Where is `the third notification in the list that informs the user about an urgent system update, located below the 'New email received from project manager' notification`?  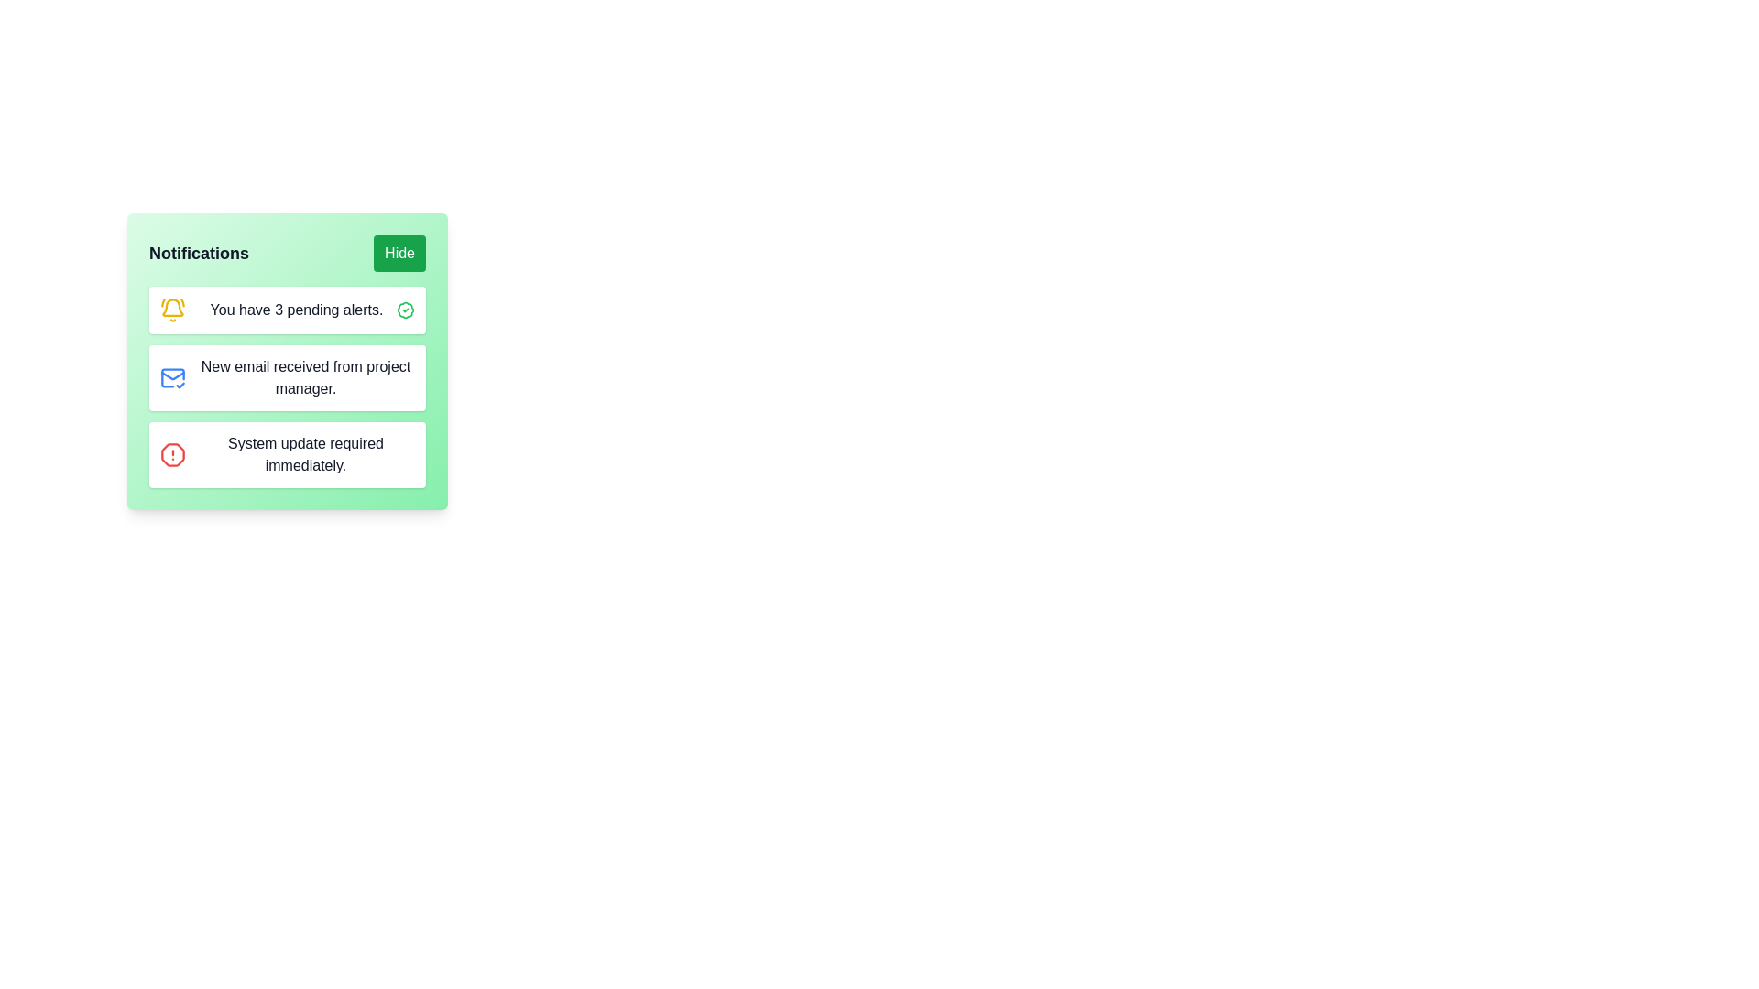
the third notification in the list that informs the user about an urgent system update, located below the 'New email received from project manager' notification is located at coordinates (286, 454).